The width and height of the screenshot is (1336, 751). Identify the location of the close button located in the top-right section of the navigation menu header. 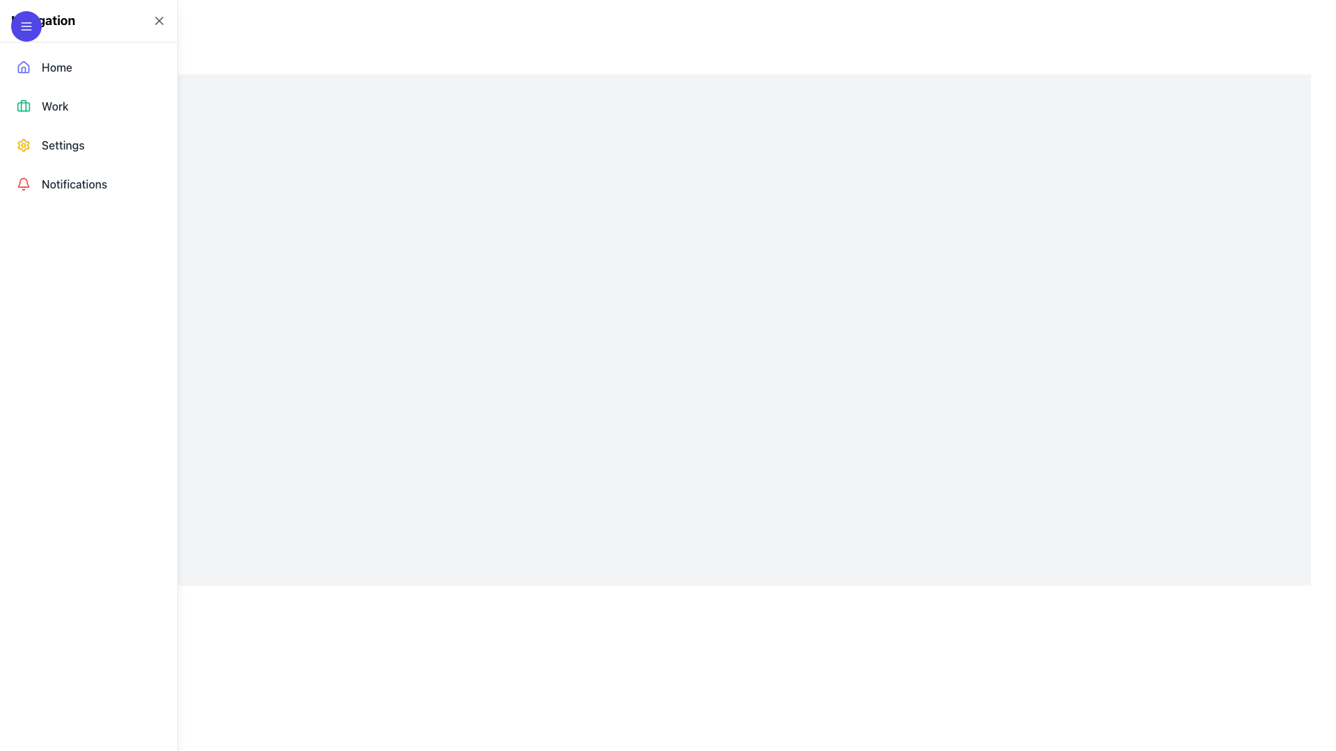
(159, 21).